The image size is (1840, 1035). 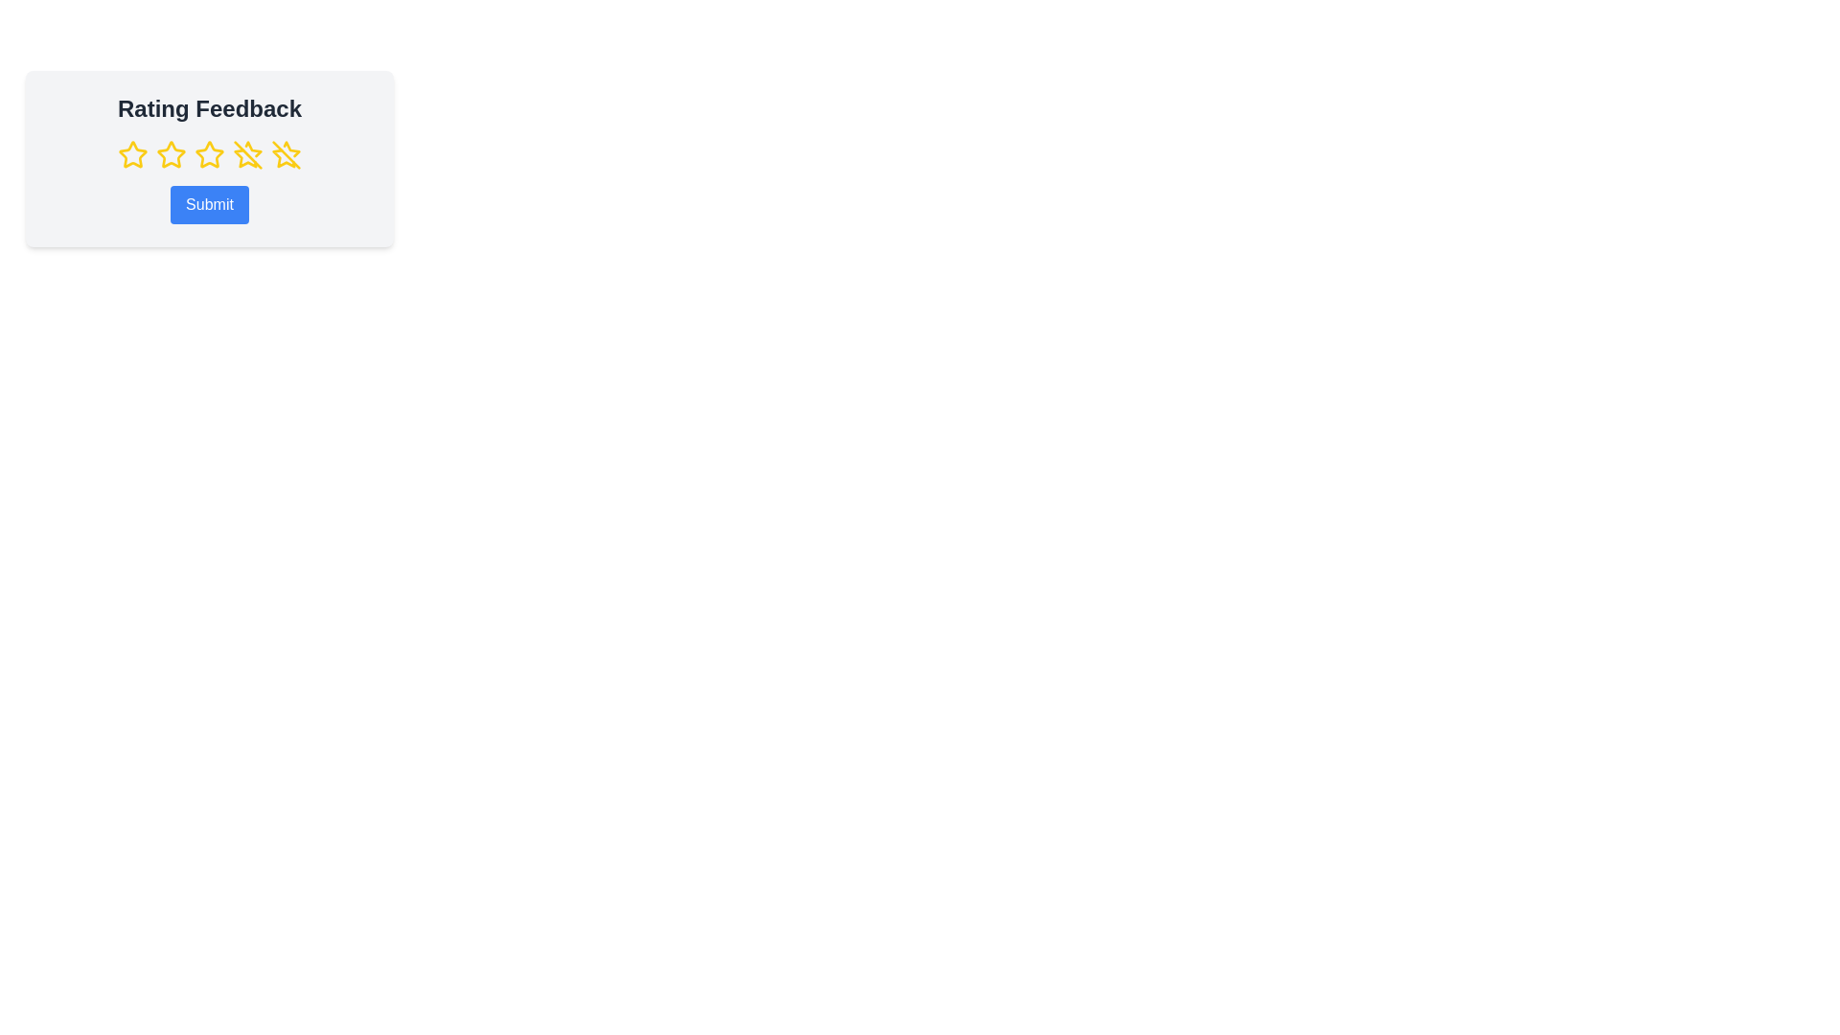 What do you see at coordinates (171, 154) in the screenshot?
I see `the second star-shaped rating icon, which is yellow and located below the text 'Rating Feedback'` at bounding box center [171, 154].